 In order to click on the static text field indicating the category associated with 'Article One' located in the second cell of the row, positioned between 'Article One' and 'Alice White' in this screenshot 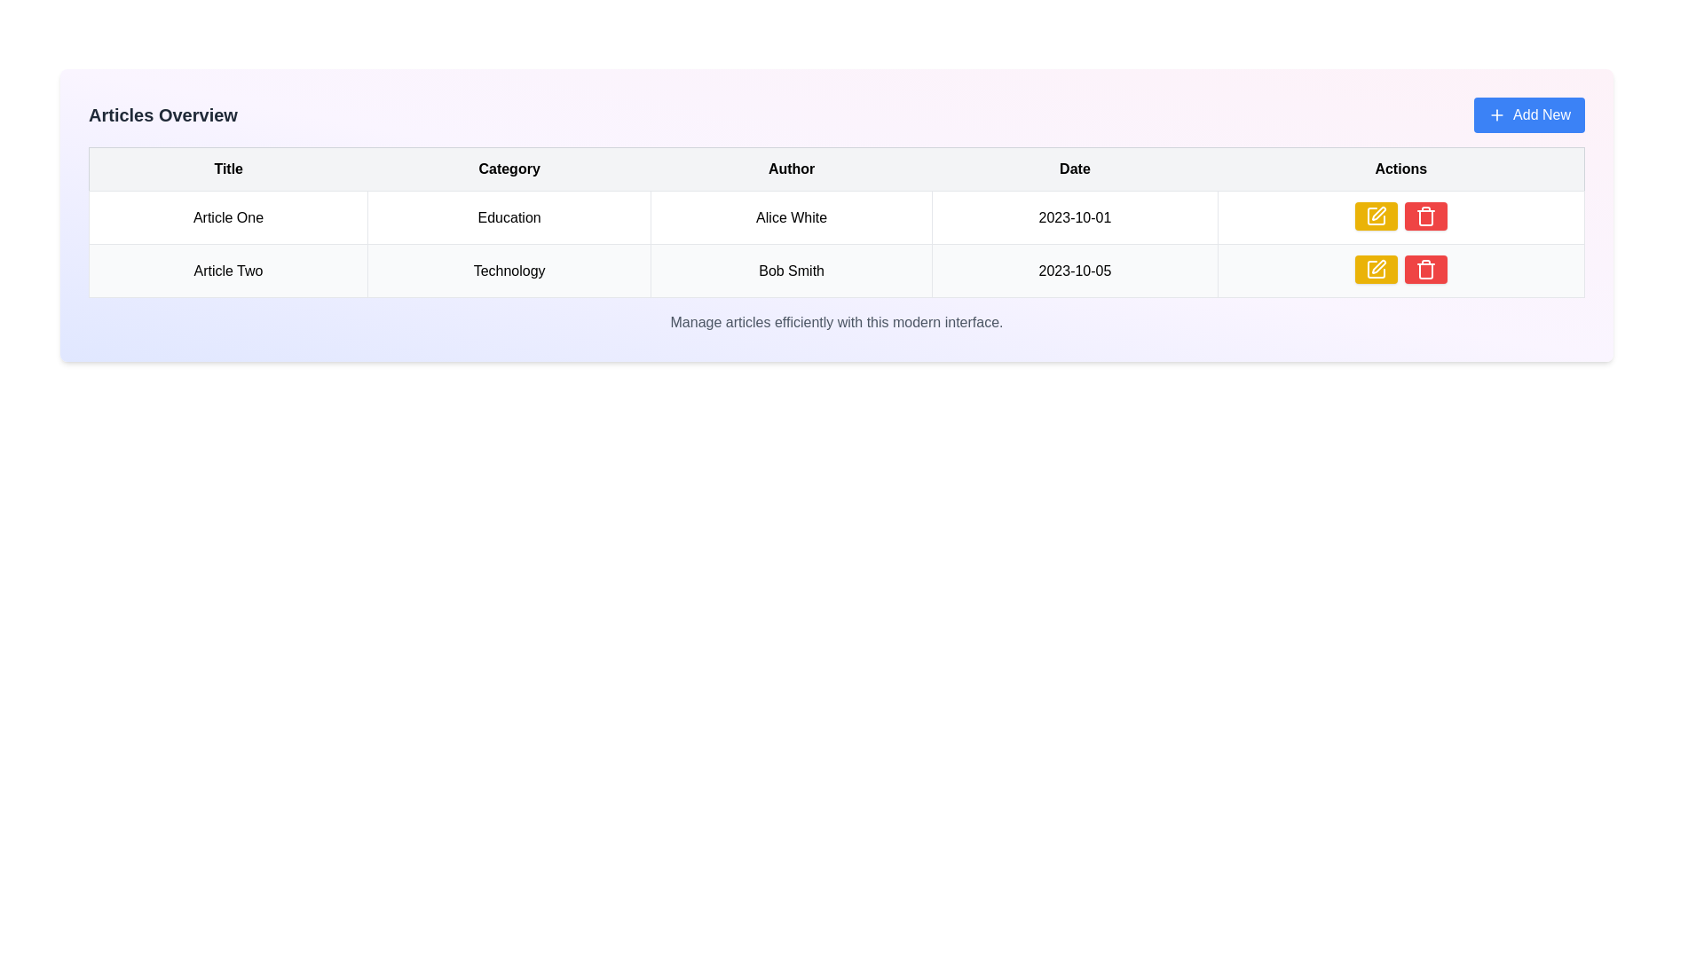, I will do `click(509, 216)`.